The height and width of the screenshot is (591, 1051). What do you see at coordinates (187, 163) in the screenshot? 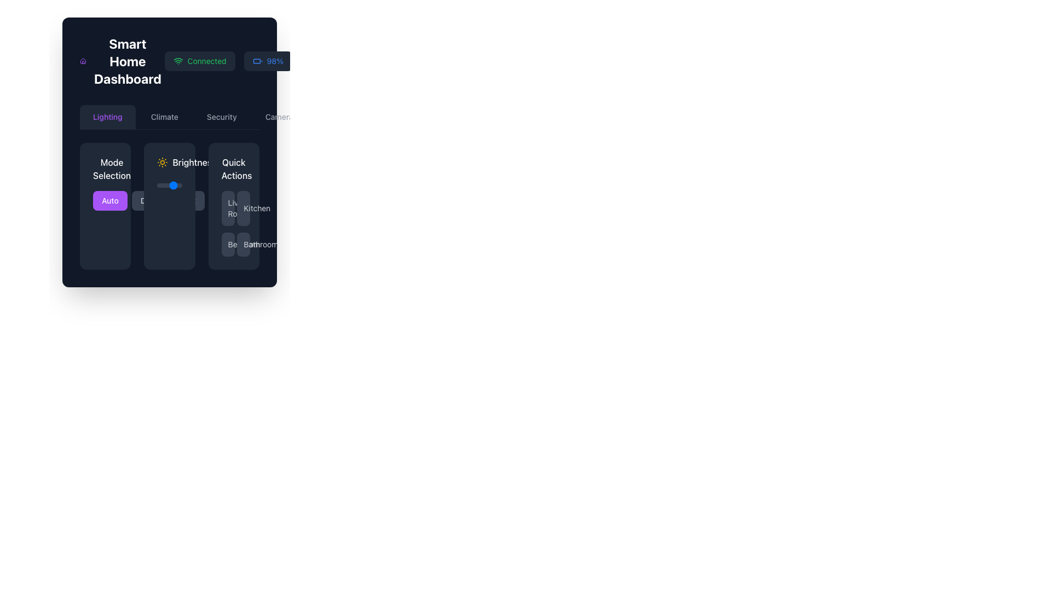
I see `the brightness control label with an icon` at bounding box center [187, 163].